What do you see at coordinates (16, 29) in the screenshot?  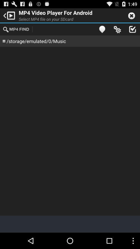 I see `item above storage emulated 0` at bounding box center [16, 29].